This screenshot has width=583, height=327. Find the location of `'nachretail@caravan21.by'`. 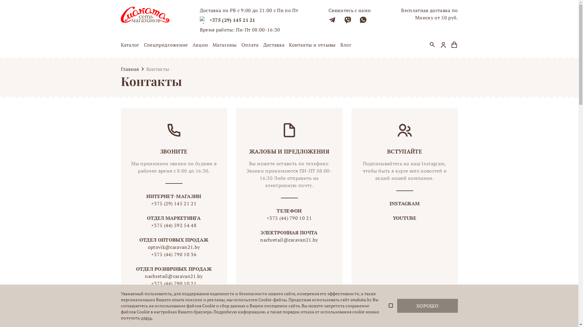

'nachretail@caravan21.by' is located at coordinates (288, 239).